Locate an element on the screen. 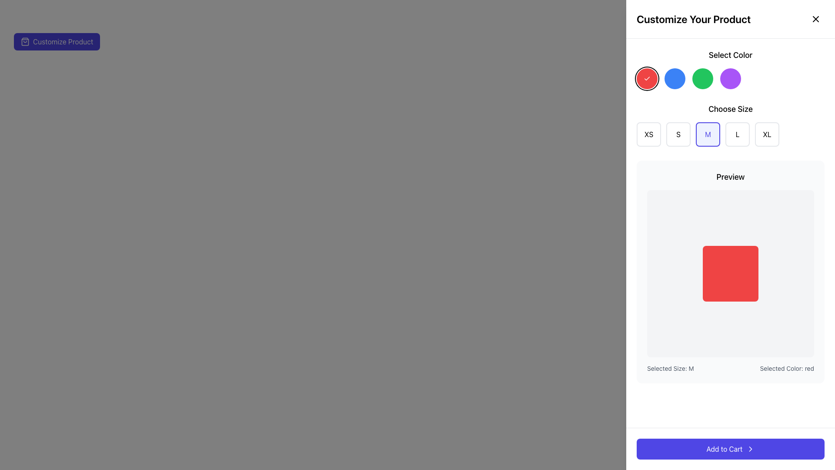 Image resolution: width=835 pixels, height=470 pixels. the lower-left stroke of the 'X' shape close button located in the top-right corner of the 'Customize Your Product' modal panel is located at coordinates (815, 19).